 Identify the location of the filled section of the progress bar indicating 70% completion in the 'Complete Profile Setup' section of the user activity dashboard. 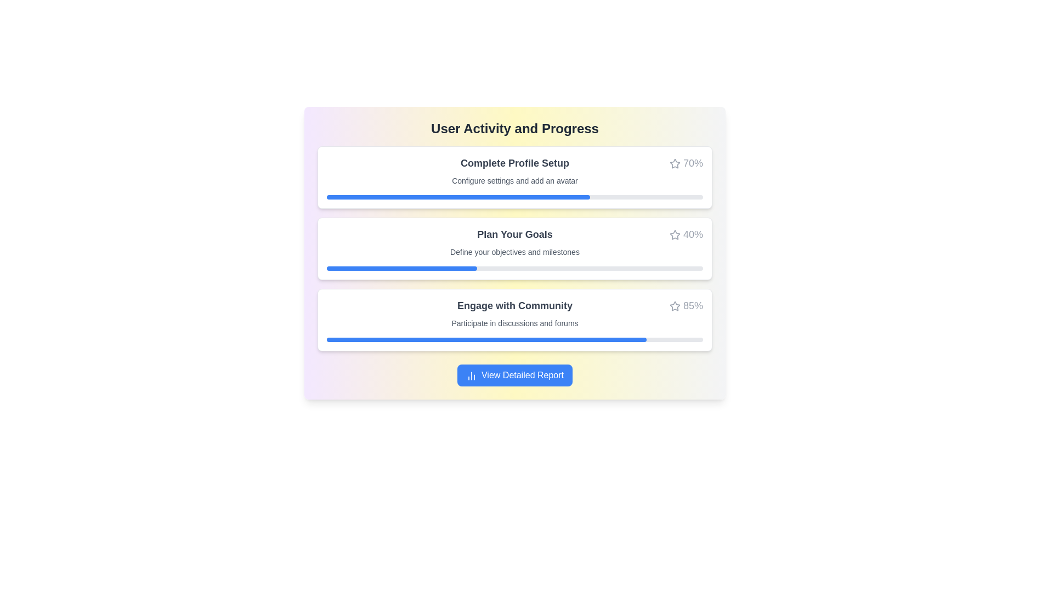
(458, 196).